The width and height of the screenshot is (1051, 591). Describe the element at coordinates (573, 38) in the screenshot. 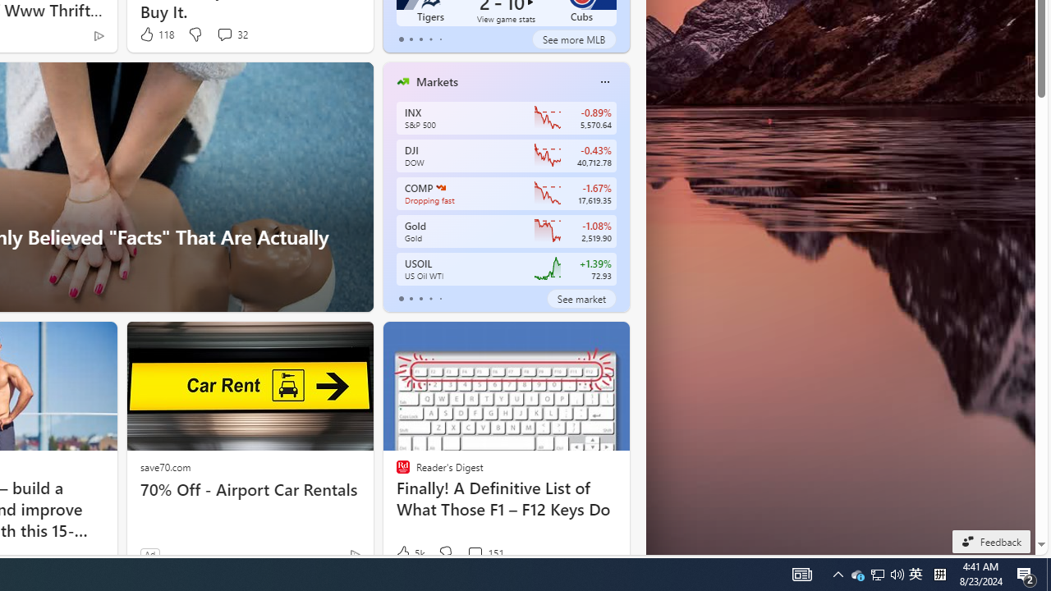

I see `'See more MLB'` at that location.